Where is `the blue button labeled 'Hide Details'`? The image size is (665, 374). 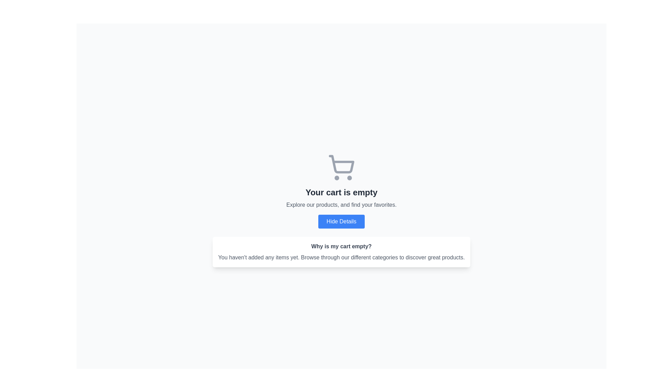 the blue button labeled 'Hide Details' is located at coordinates (341, 222).